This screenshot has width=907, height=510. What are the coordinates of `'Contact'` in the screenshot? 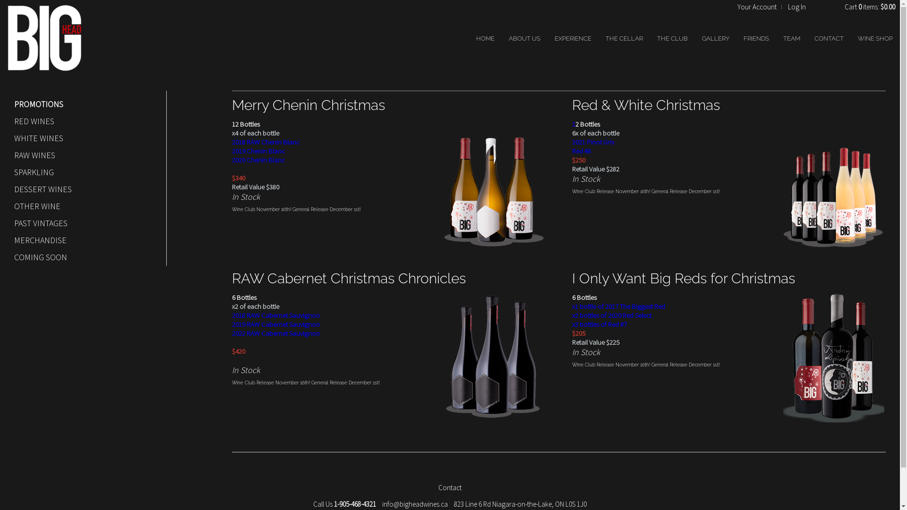 It's located at (437, 488).